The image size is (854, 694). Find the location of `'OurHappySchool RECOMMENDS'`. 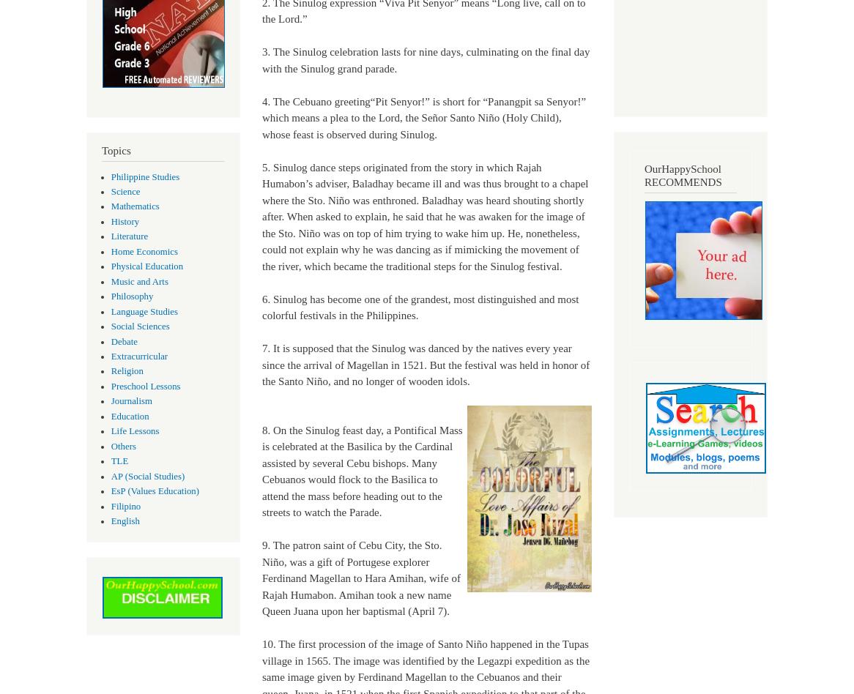

'OurHappySchool RECOMMENDS' is located at coordinates (643, 174).